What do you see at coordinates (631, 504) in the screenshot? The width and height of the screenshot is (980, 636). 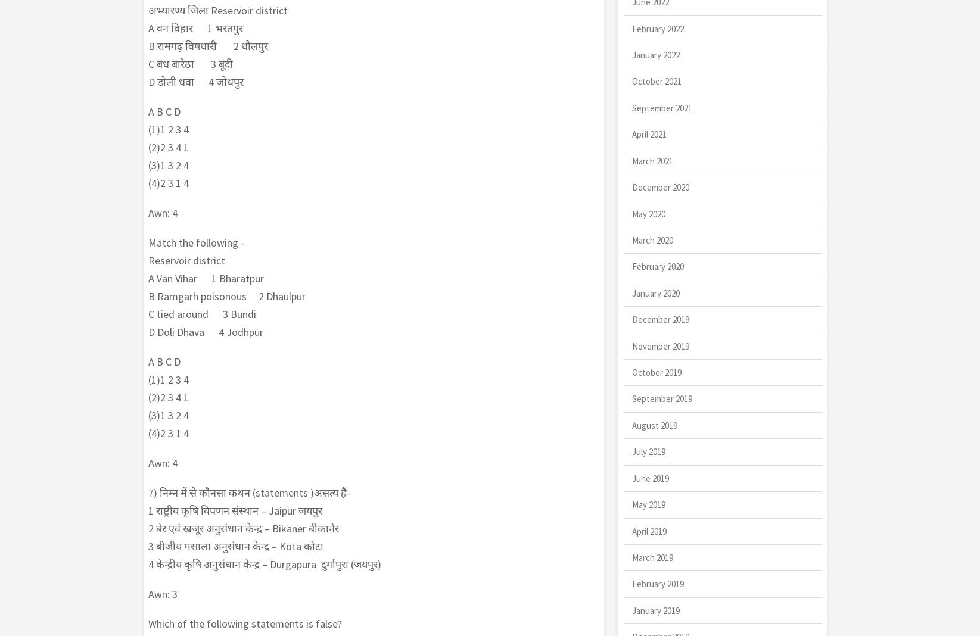 I see `'May 2019'` at bounding box center [631, 504].